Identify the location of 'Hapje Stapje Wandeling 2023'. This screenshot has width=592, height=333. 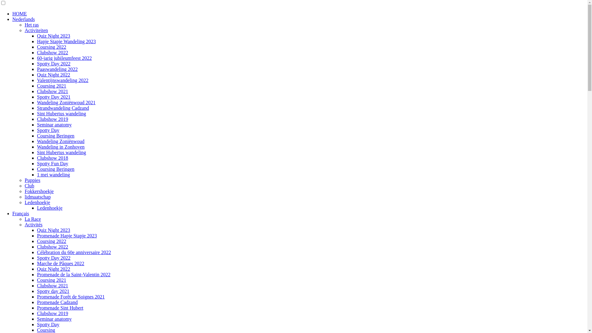
(66, 41).